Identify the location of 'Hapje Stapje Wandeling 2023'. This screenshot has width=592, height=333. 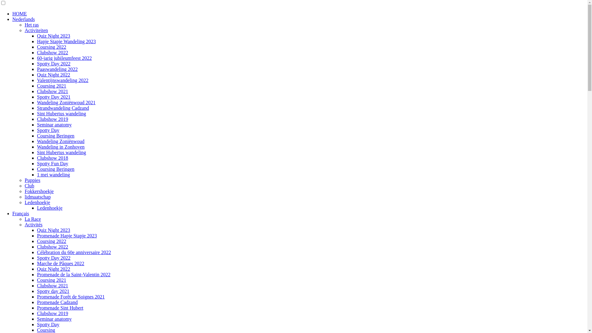
(66, 41).